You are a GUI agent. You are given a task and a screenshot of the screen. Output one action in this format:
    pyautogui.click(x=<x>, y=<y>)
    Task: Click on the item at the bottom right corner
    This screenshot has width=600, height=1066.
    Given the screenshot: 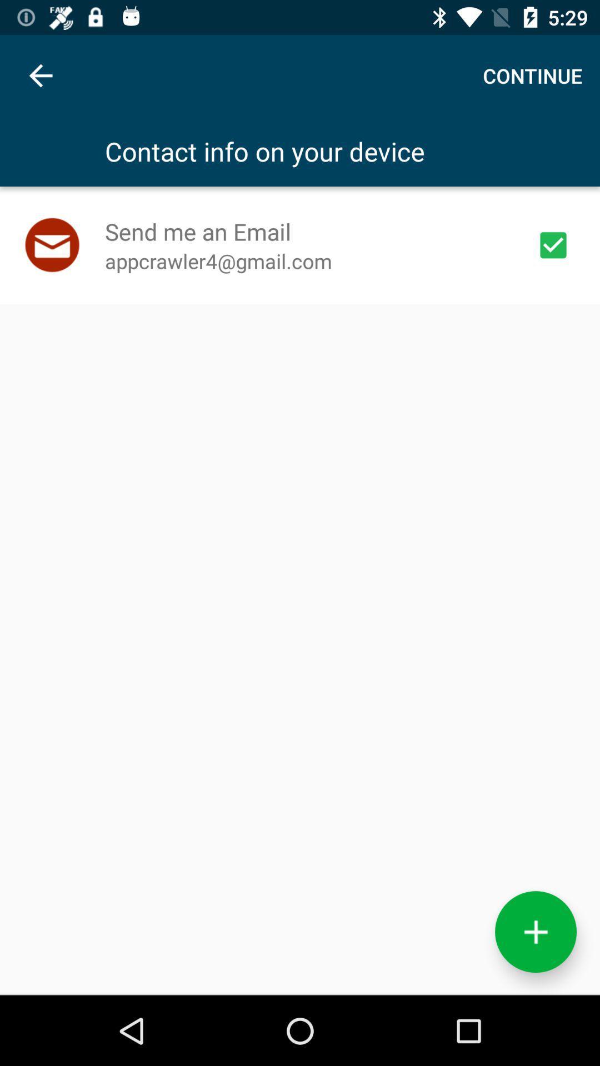 What is the action you would take?
    pyautogui.click(x=535, y=932)
    